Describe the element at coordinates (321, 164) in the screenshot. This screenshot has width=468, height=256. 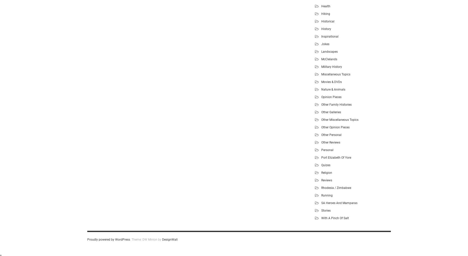
I see `'Quizes'` at that location.